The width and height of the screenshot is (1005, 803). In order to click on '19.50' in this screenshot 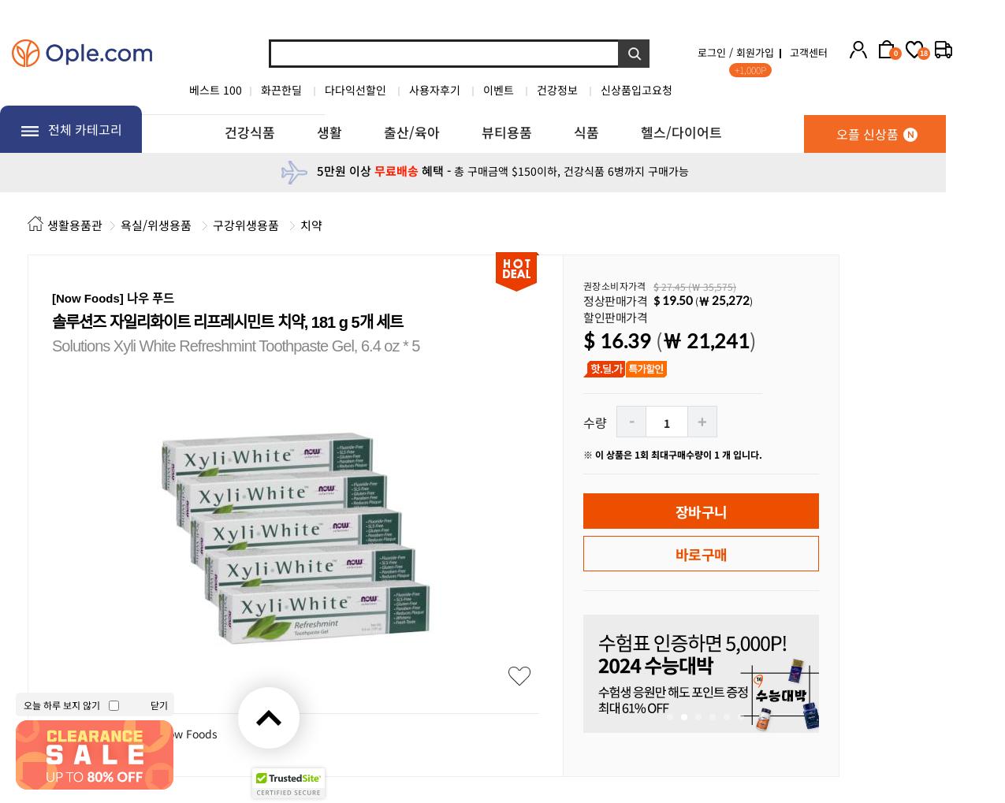, I will do `click(676, 299)`.